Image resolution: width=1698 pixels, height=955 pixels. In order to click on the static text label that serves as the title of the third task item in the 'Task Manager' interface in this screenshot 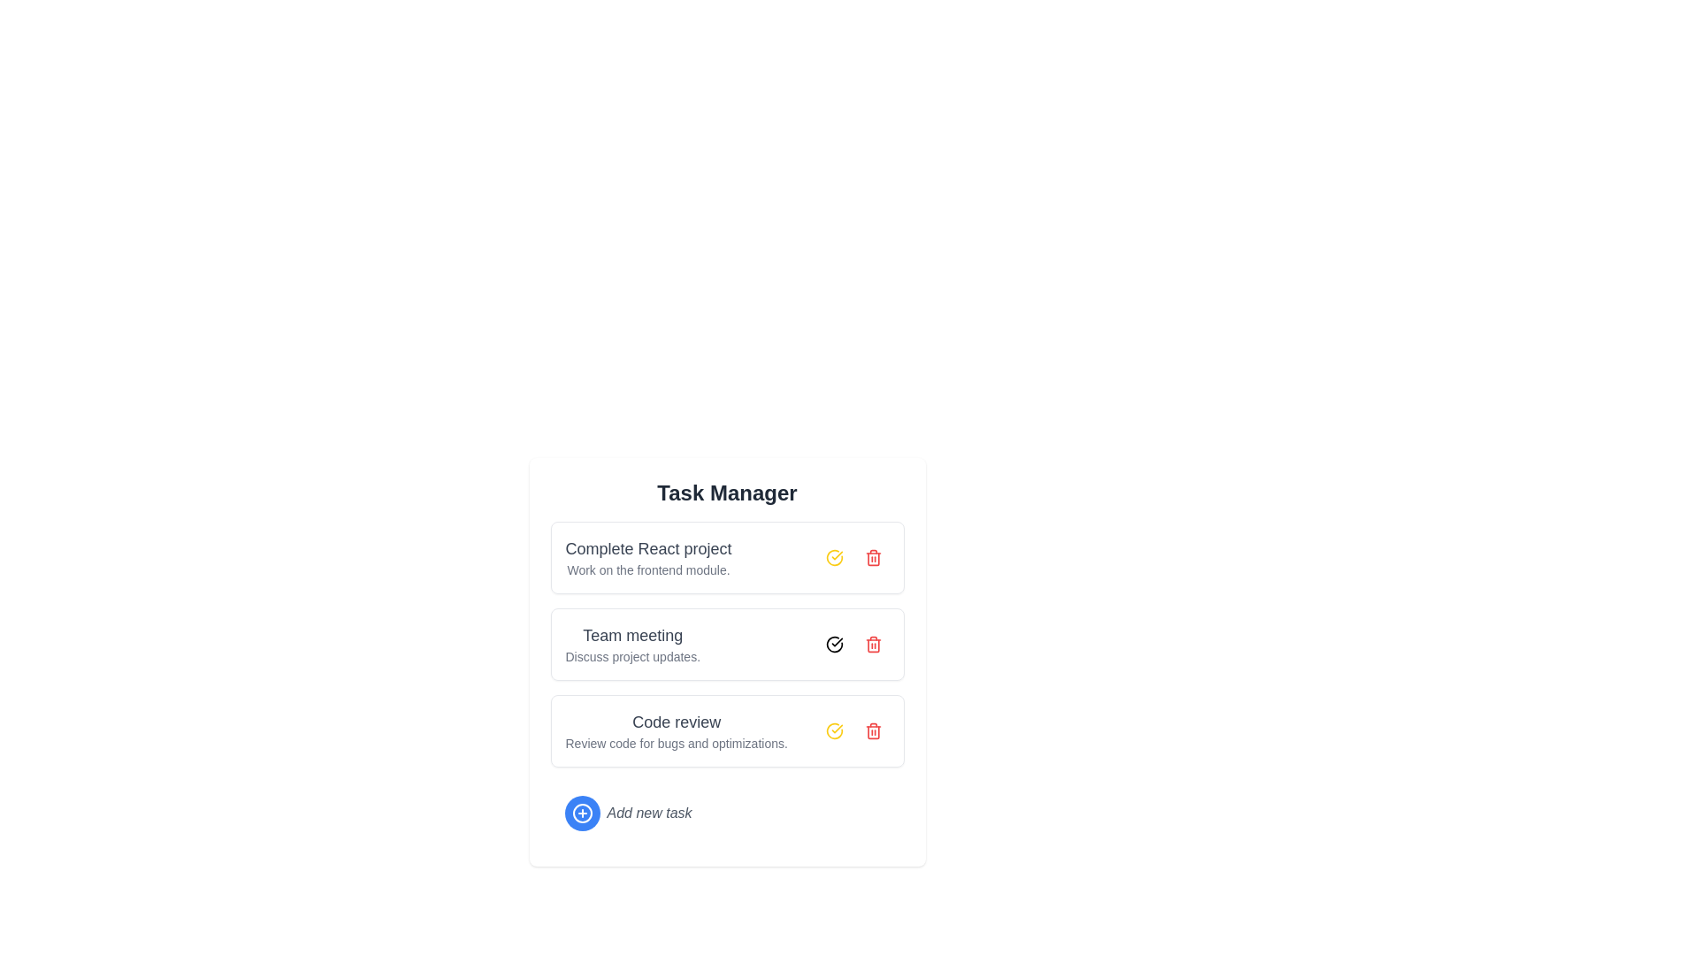, I will do `click(676, 722)`.